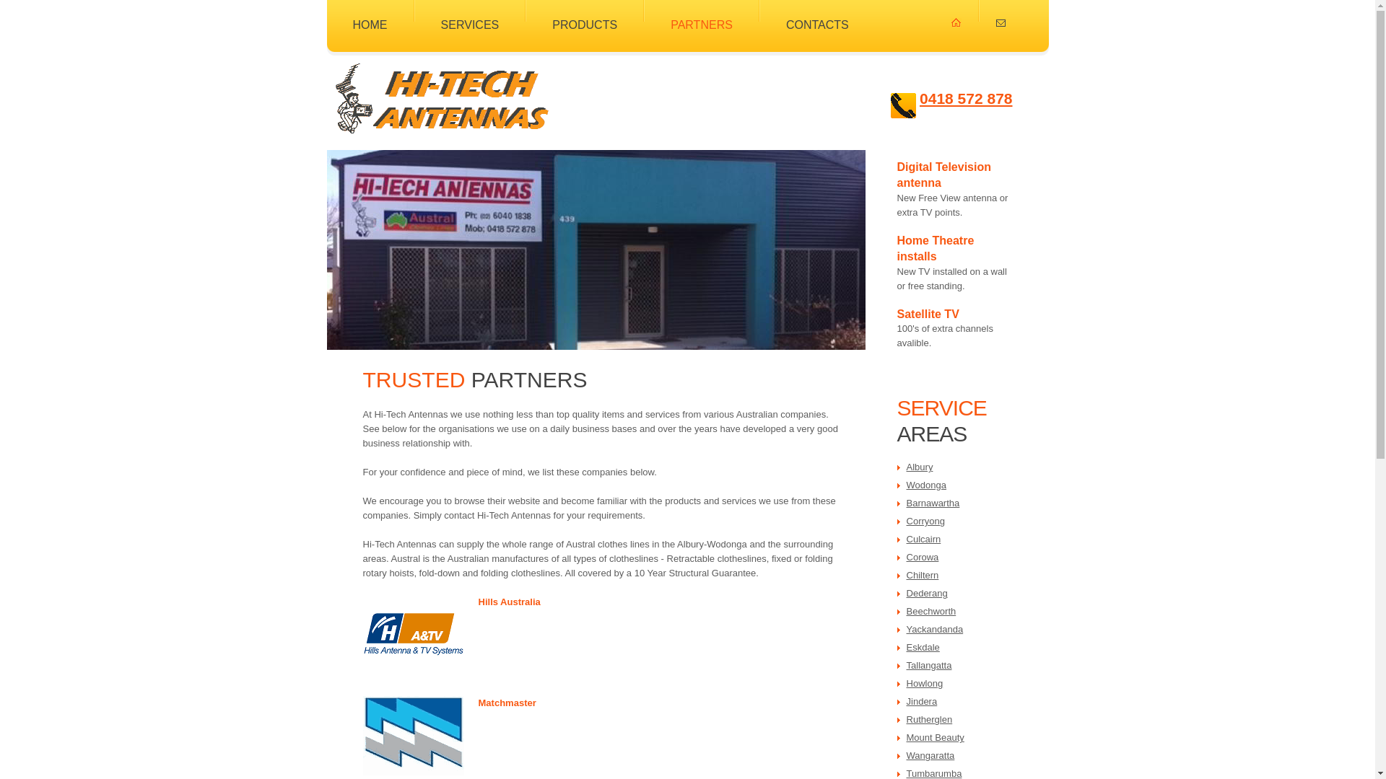  I want to click on 'CONTACTS', so click(817, 16).